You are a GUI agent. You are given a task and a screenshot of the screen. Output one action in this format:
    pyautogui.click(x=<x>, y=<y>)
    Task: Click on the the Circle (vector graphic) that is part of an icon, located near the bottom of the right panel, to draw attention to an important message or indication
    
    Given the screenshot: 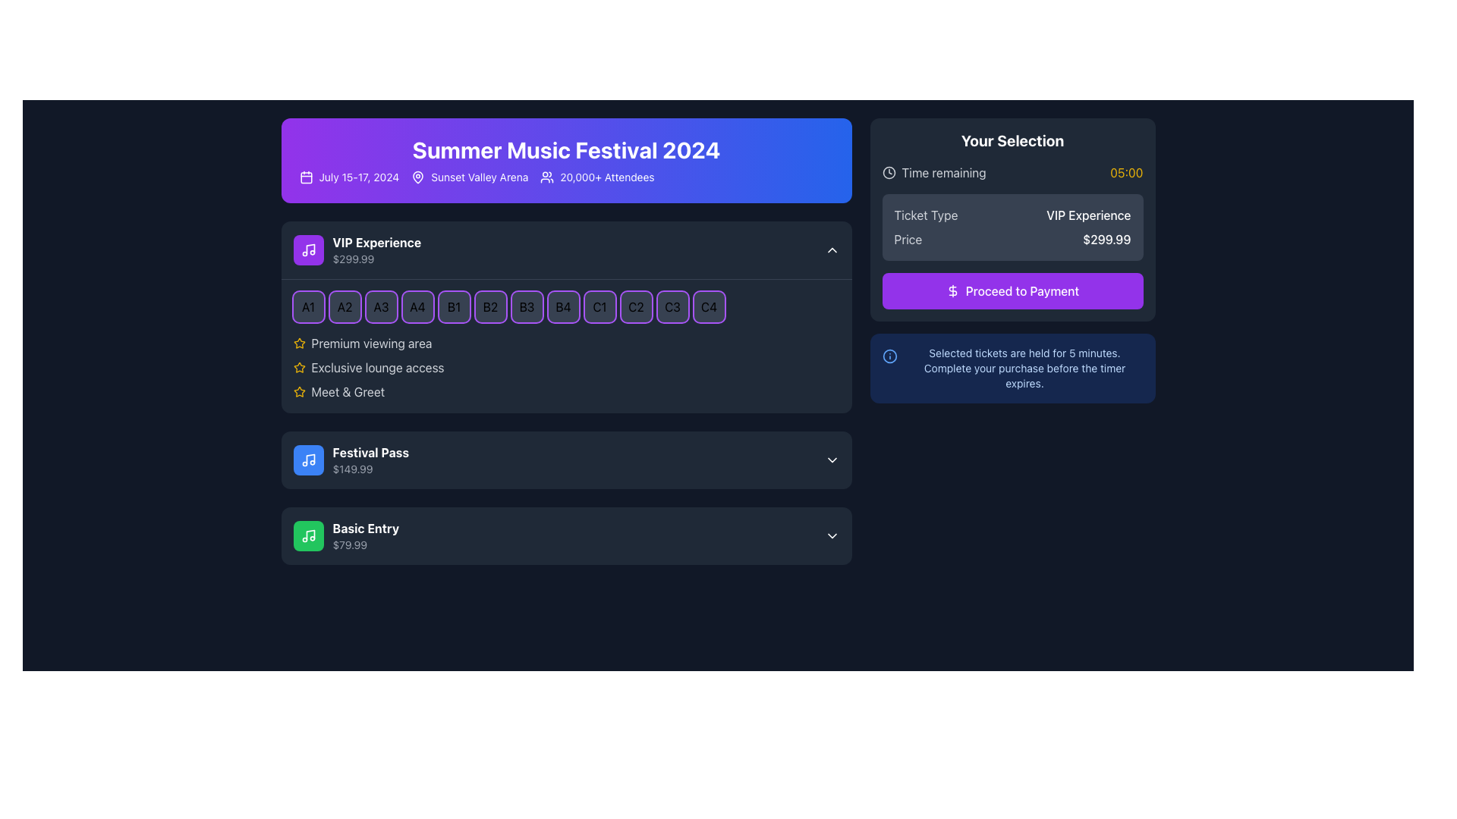 What is the action you would take?
    pyautogui.click(x=889, y=356)
    